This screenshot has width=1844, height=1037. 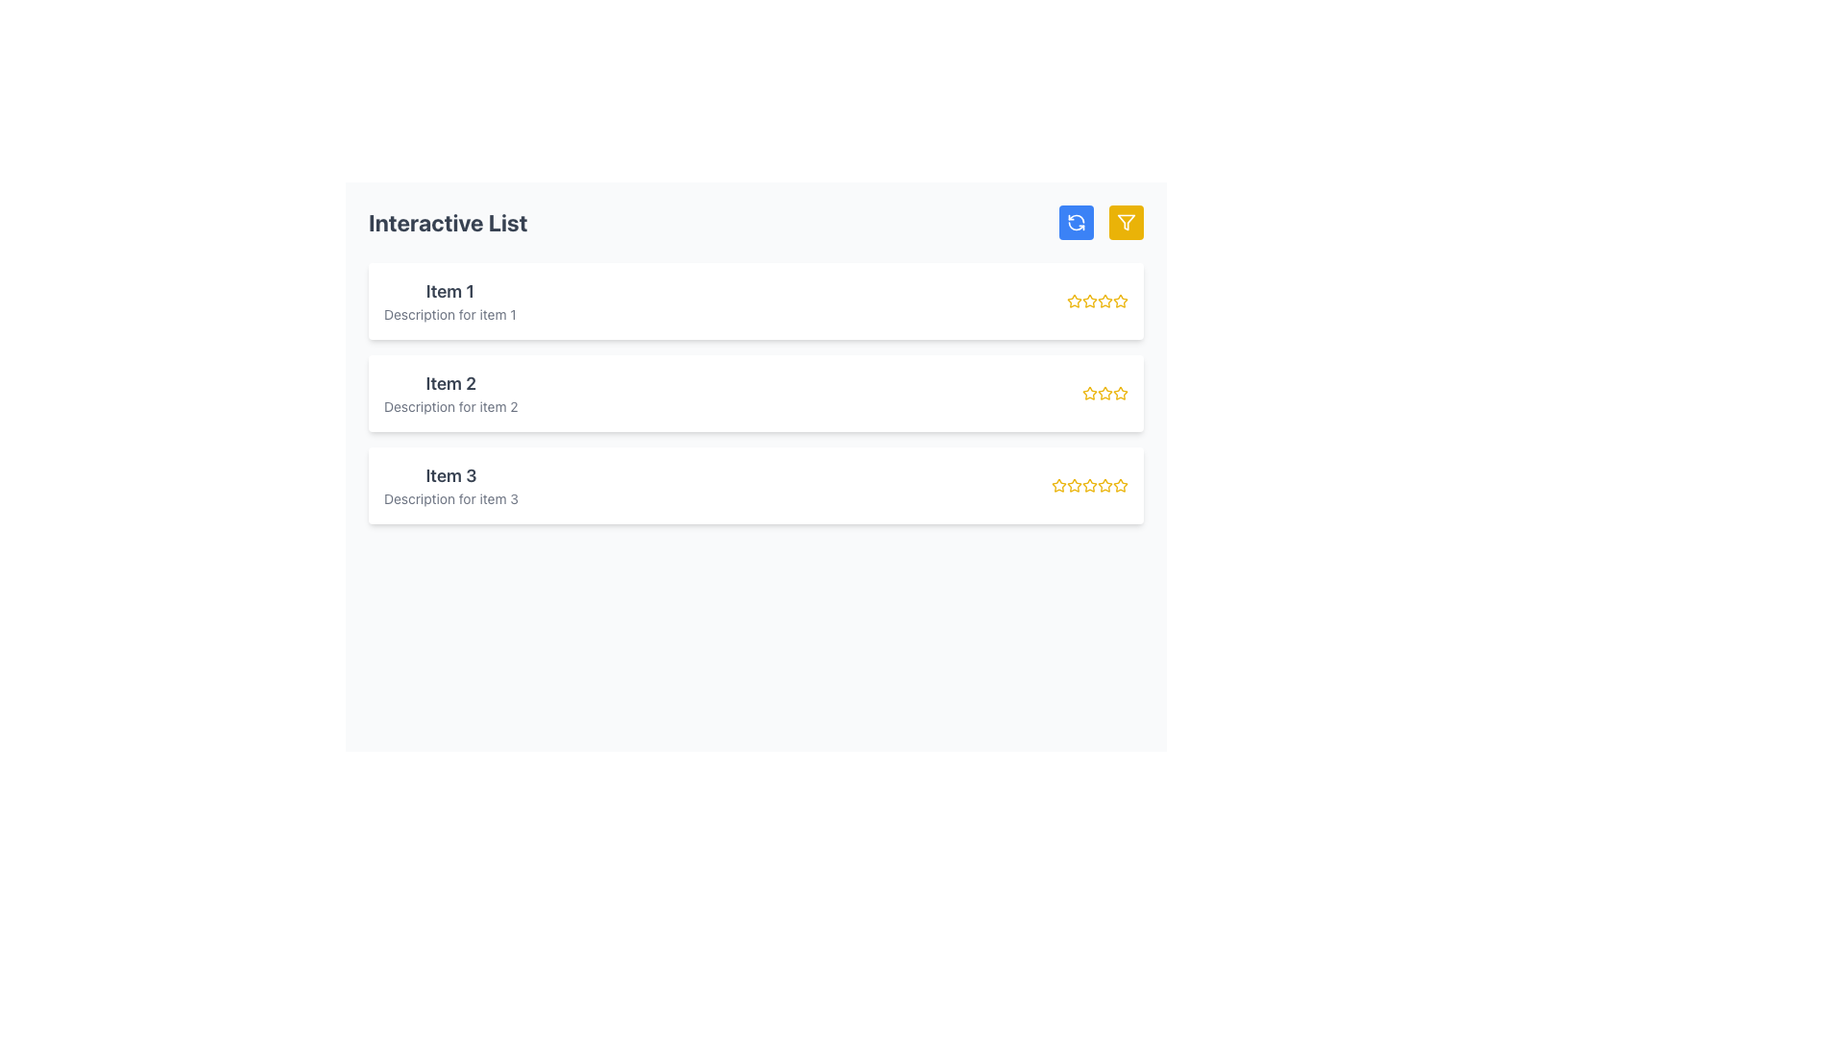 What do you see at coordinates (1105, 392) in the screenshot?
I see `the third Rating Star icon, which is a yellow hollow star among a series of five stars` at bounding box center [1105, 392].